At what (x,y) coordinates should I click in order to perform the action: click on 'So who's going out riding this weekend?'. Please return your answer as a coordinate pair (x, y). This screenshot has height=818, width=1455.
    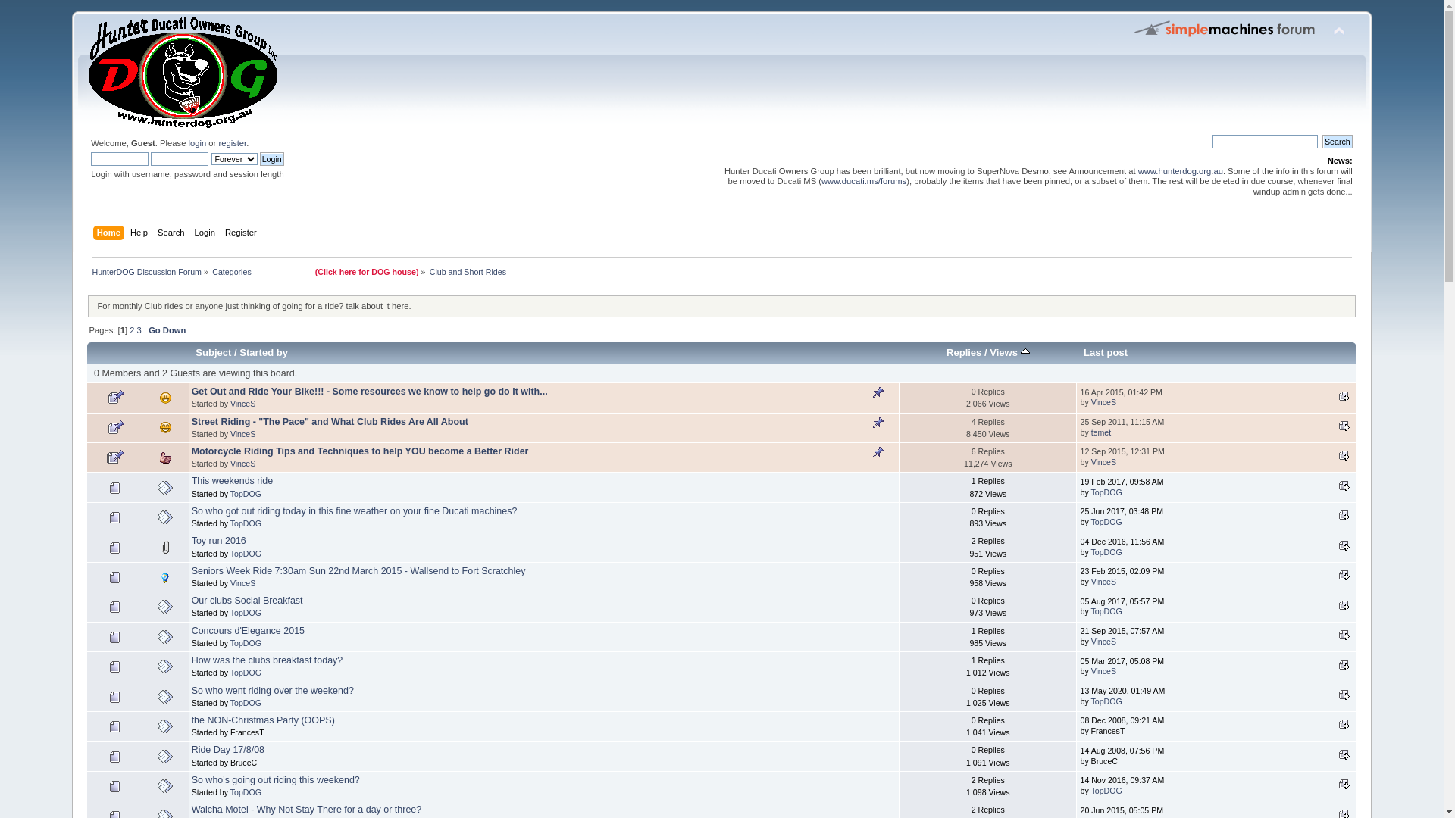
    Looking at the image, I should click on (276, 779).